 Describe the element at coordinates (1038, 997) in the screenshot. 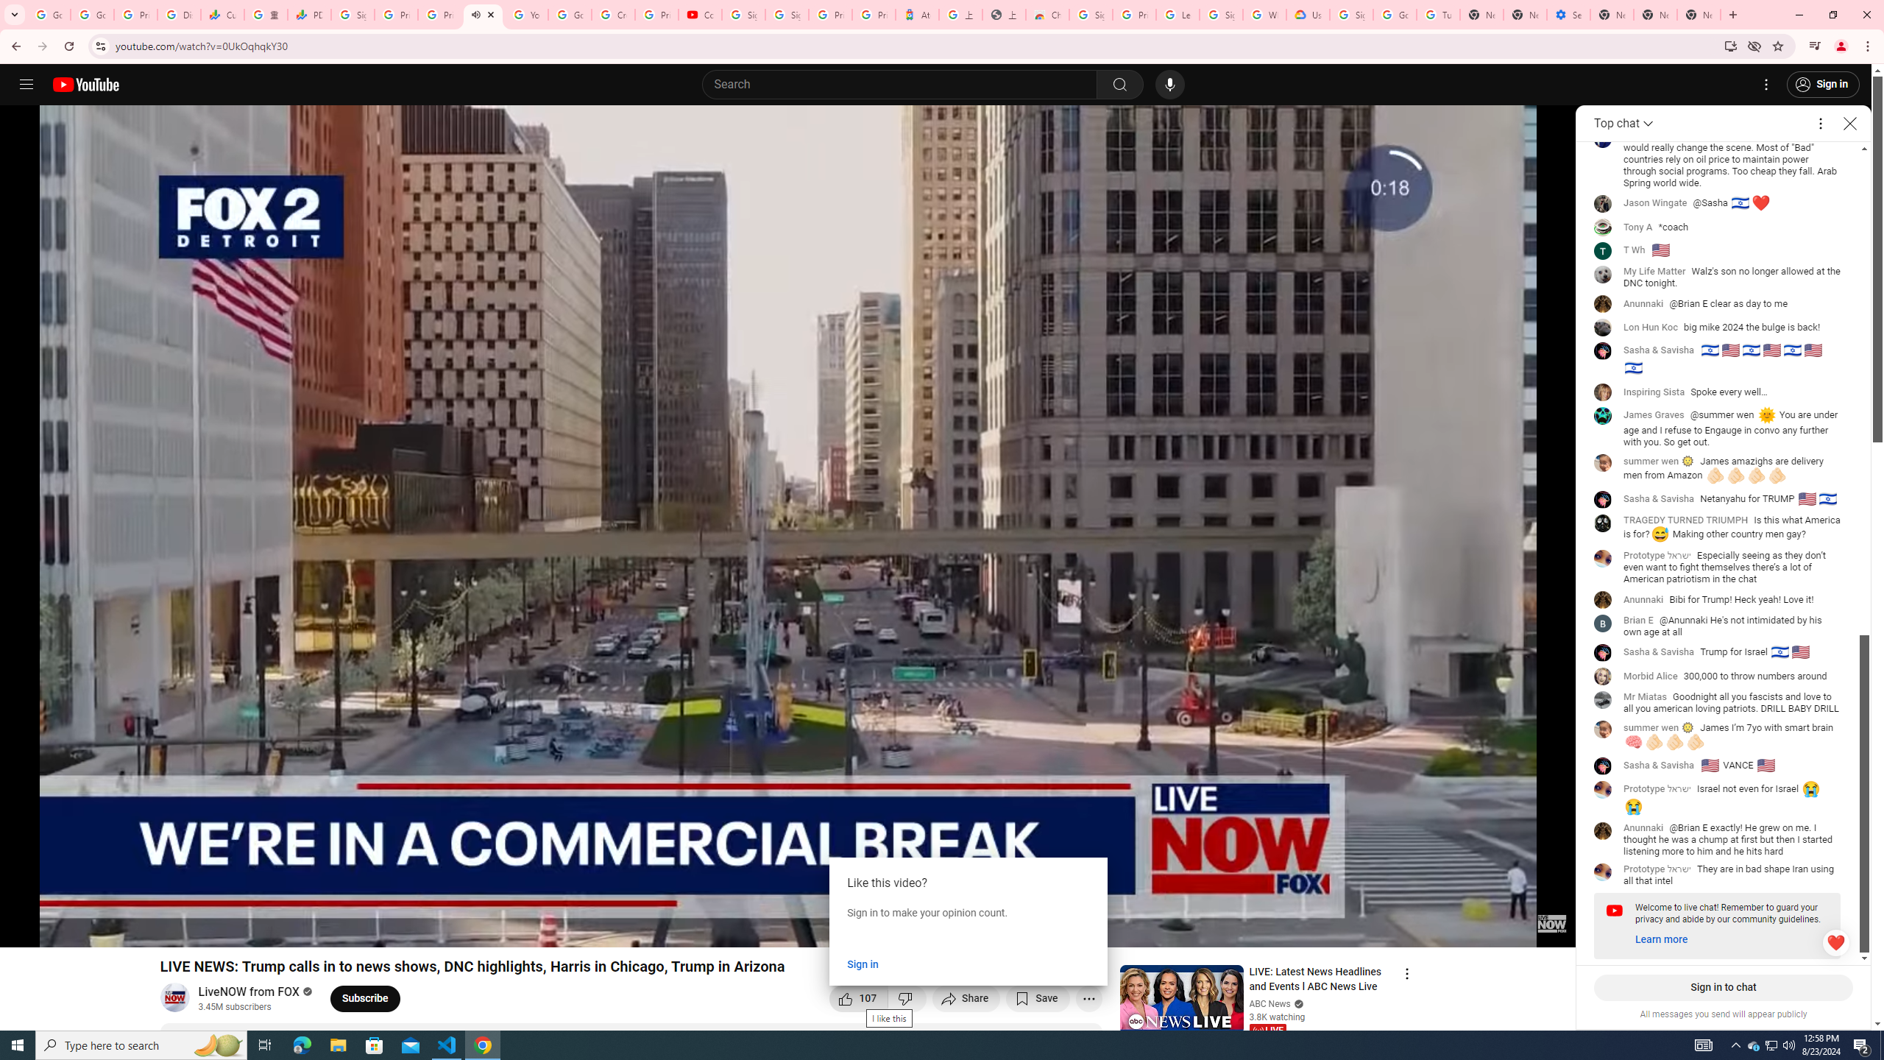

I see `'Save to playlist'` at that location.